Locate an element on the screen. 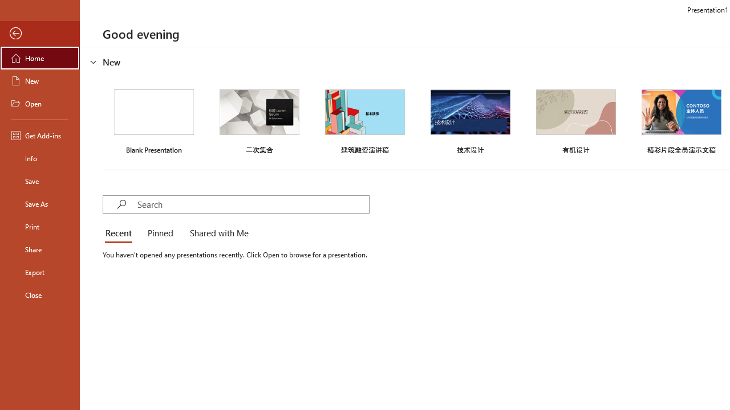  'Home' is located at coordinates (39, 58).